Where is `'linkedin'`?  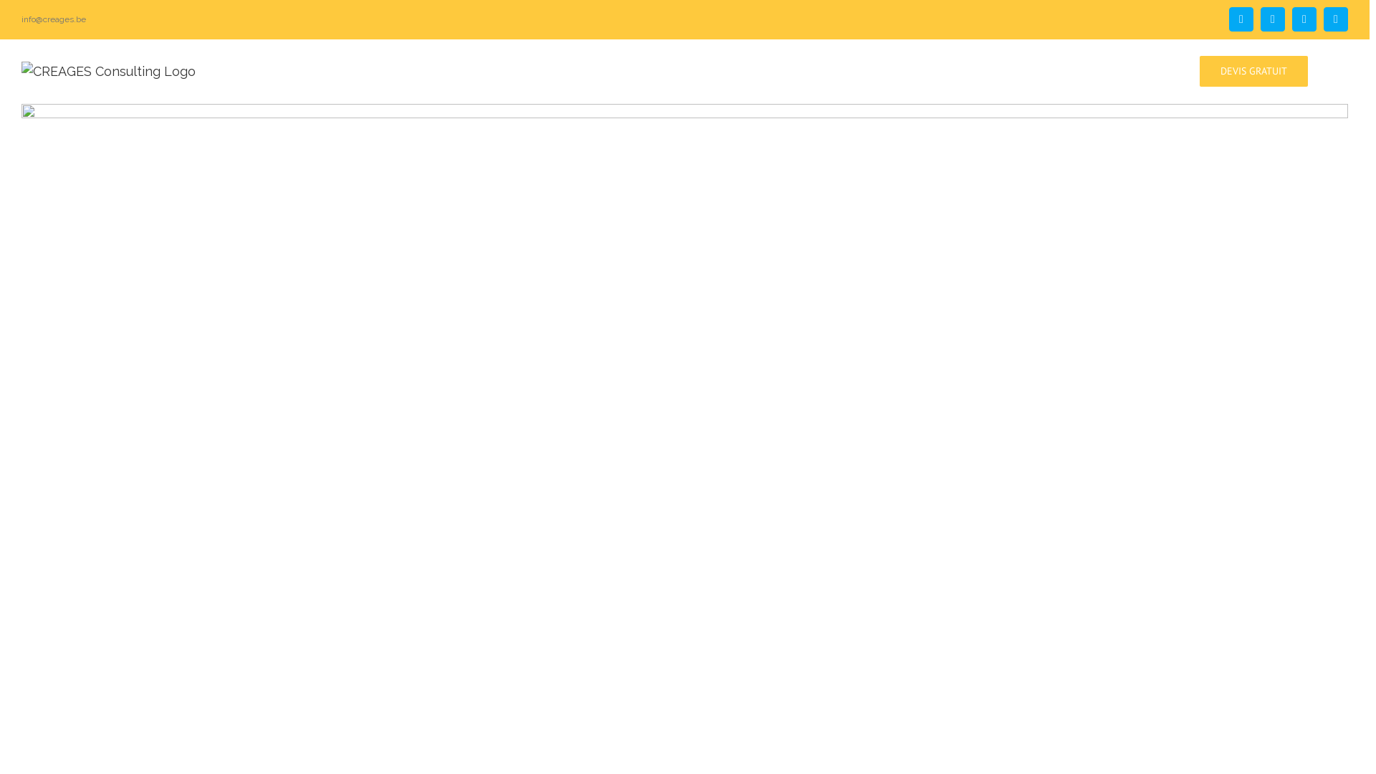 'linkedin' is located at coordinates (1334, 19).